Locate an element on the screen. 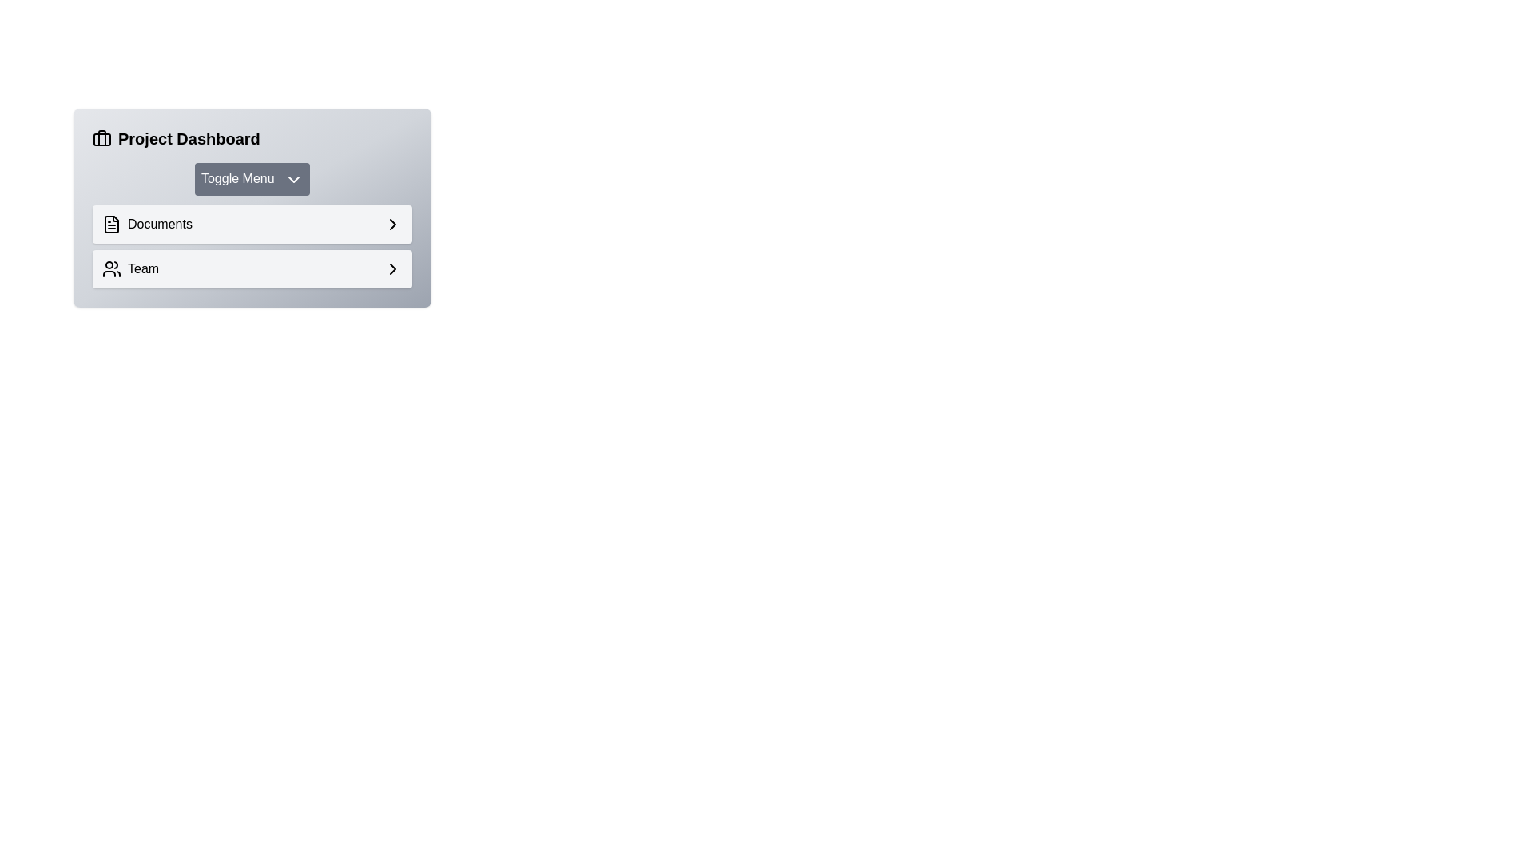 The image size is (1534, 863). the thin, vertical stroke within the briefcase icon located to the left of the 'Project Dashboard' text is located at coordinates (101, 137).